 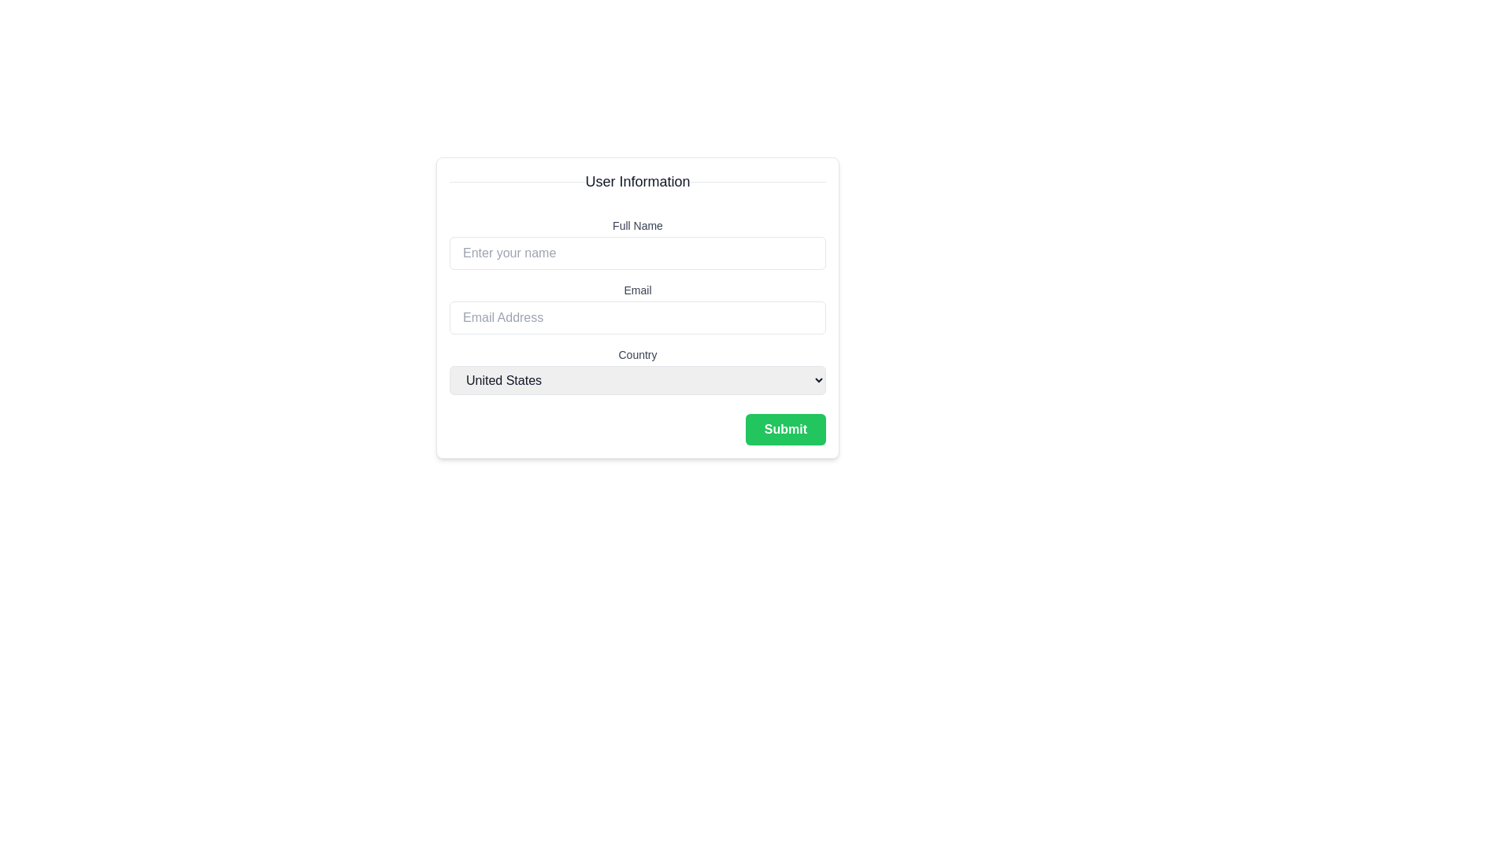 What do you see at coordinates (638, 252) in the screenshot?
I see `text into the full name input field located below the 'Full Name' label in the 'User Information' form section` at bounding box center [638, 252].